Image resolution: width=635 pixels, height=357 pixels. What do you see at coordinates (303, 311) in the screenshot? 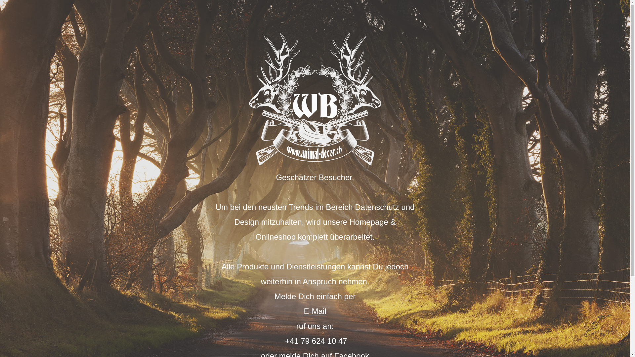
I see `'E-Mail'` at bounding box center [303, 311].